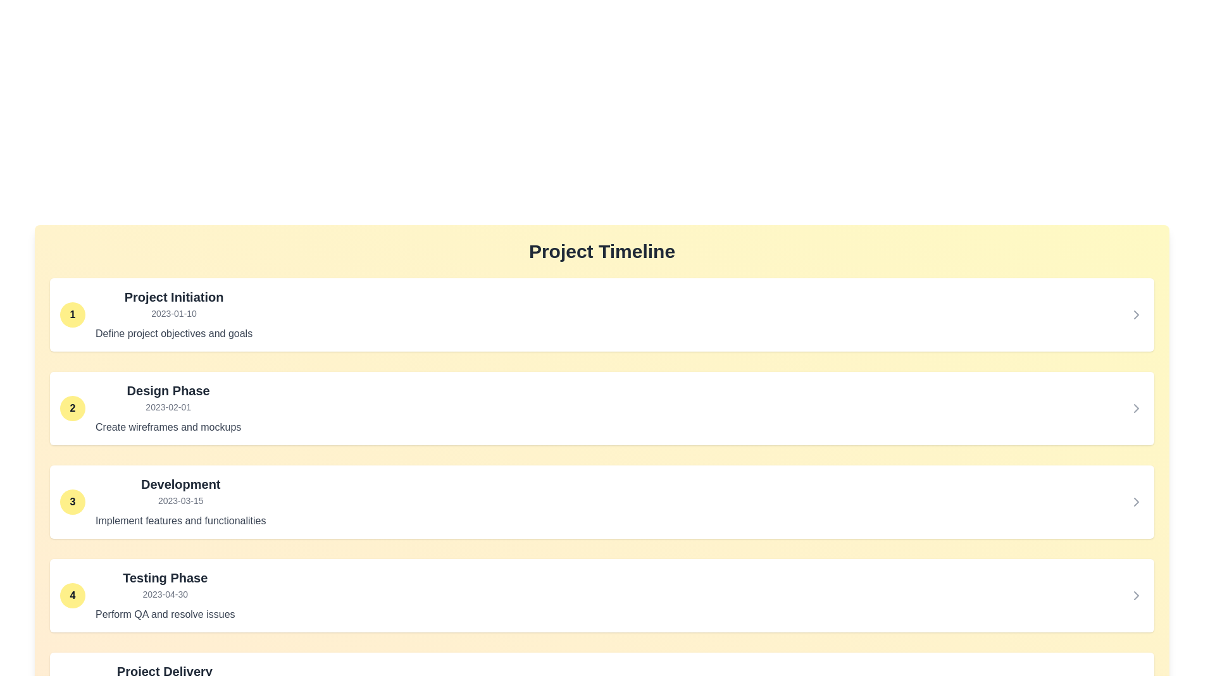  What do you see at coordinates (1136, 595) in the screenshot?
I see `the right-pointing arrow icon, which is a minimalist SVG graphic located at the far right side of the vertical timeline sequence` at bounding box center [1136, 595].